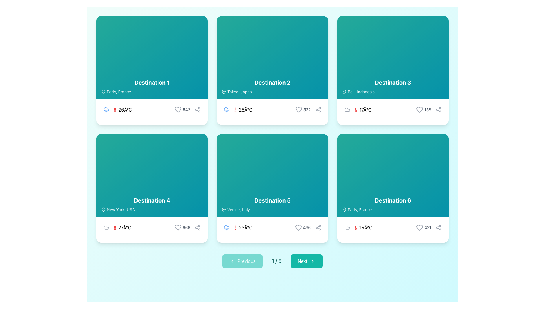 The width and height of the screenshot is (556, 312). I want to click on the heart button located at the bottom-right corner of the 'Destination 5' card, adjacent to the number '496', to like or unlike the item, so click(298, 227).